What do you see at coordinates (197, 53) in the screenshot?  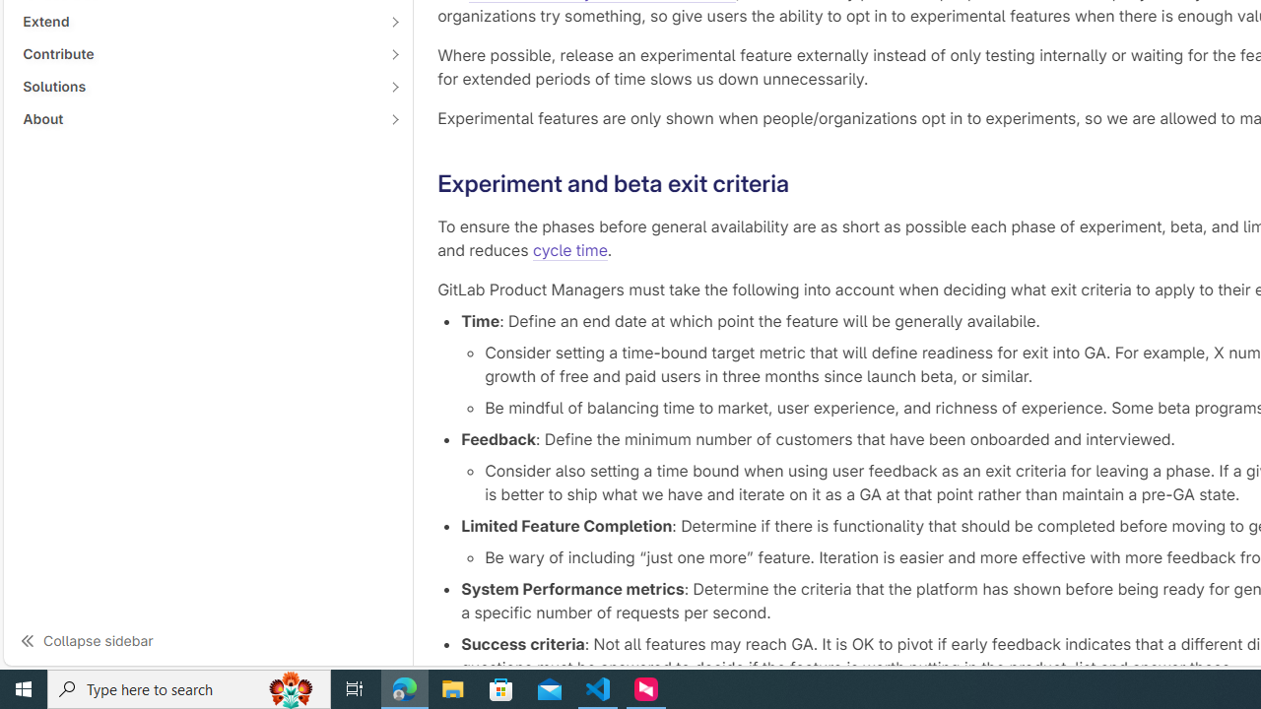 I see `'Contribute'` at bounding box center [197, 53].